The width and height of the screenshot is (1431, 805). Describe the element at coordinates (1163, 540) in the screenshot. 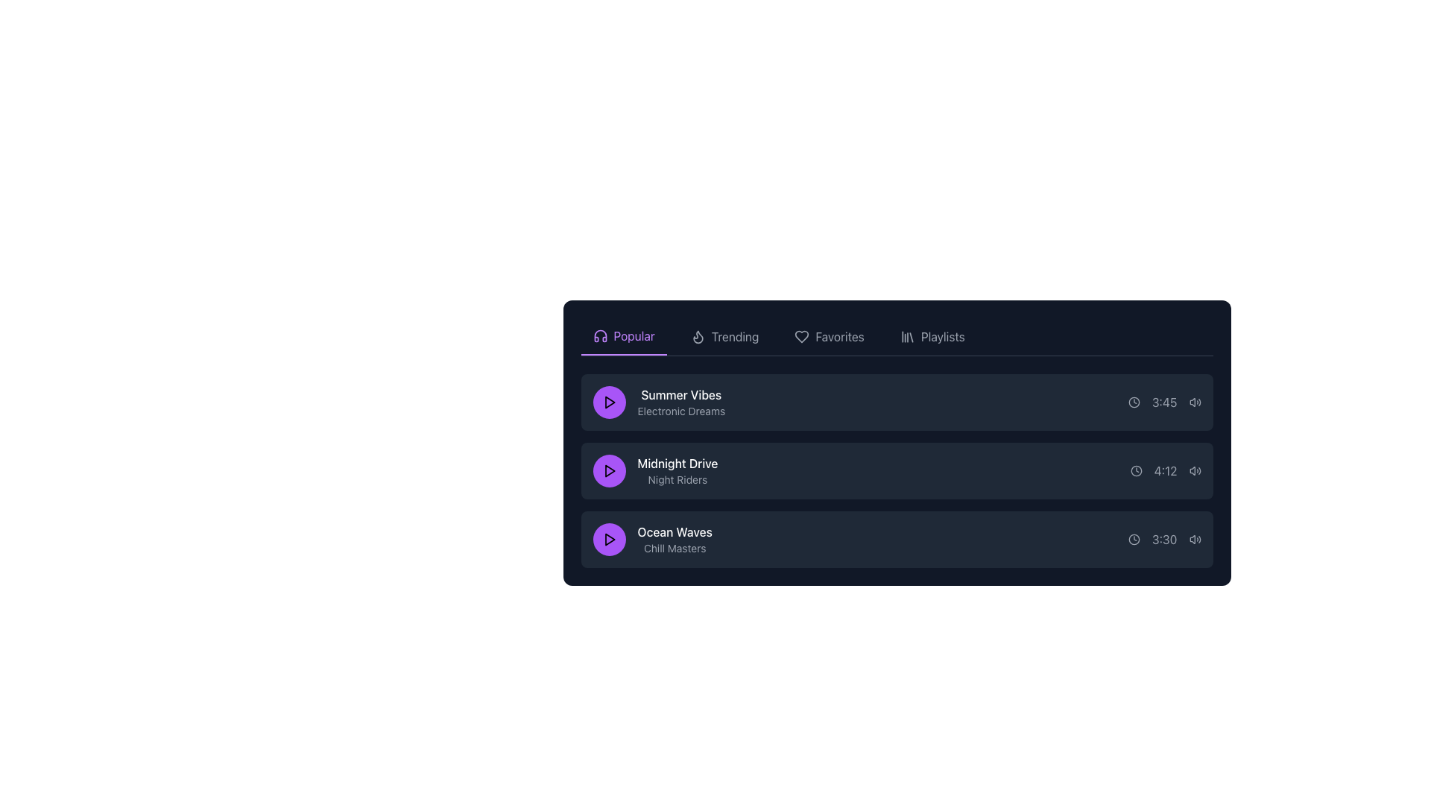

I see `the small gray clock icon and the text '3:30' located on the far right side of the third track item in the vertical playlist under the 'Popular' tab in the top navigation bar` at that location.